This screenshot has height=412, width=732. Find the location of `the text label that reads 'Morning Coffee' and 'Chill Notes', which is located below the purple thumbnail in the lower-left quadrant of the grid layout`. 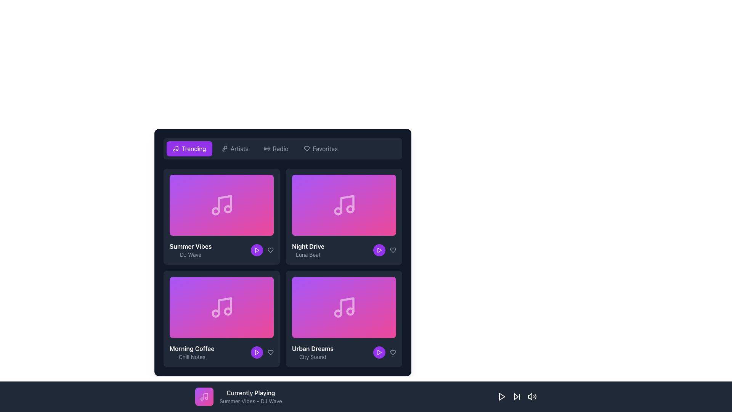

the text label that reads 'Morning Coffee' and 'Chill Notes', which is located below the purple thumbnail in the lower-left quadrant of the grid layout is located at coordinates (192, 352).